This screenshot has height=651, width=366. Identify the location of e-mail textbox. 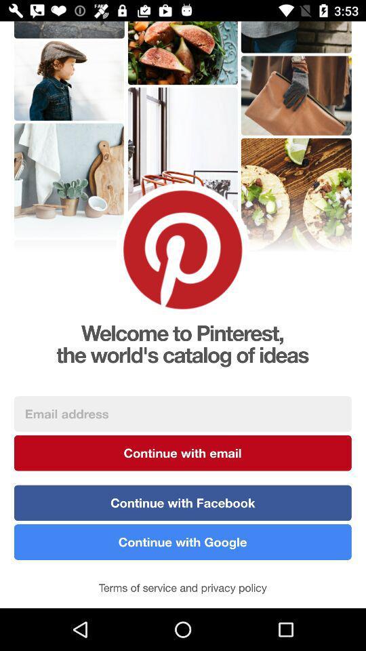
(182, 413).